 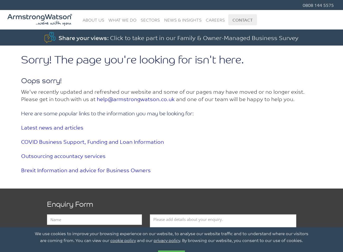 I want to click on 'What We Do', so click(x=122, y=19).